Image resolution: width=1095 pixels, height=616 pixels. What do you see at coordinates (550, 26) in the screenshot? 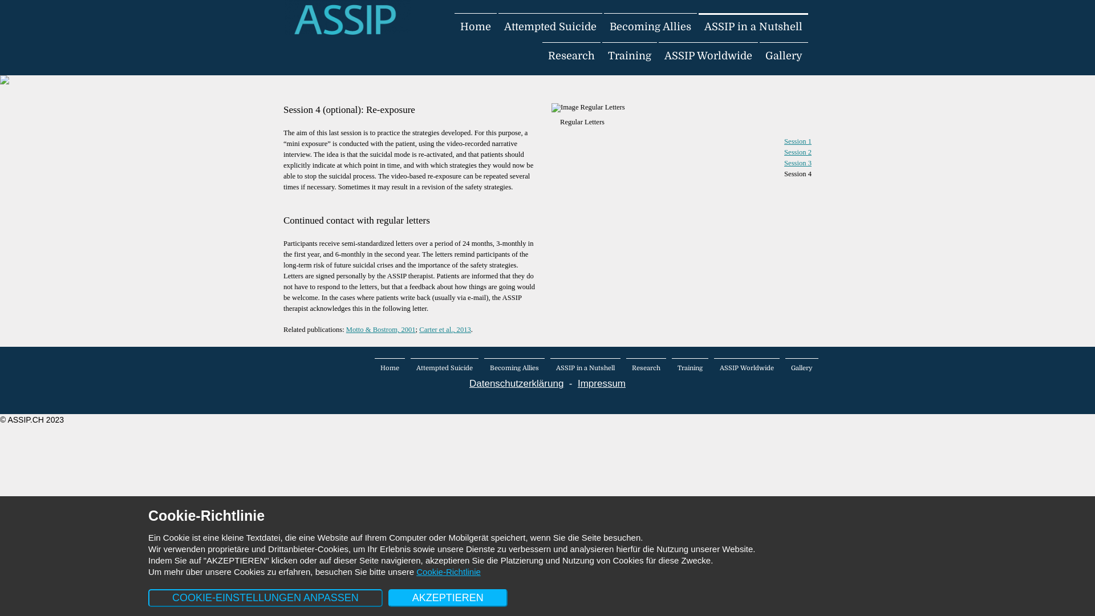
I see `'Attempted Suicide'` at bounding box center [550, 26].